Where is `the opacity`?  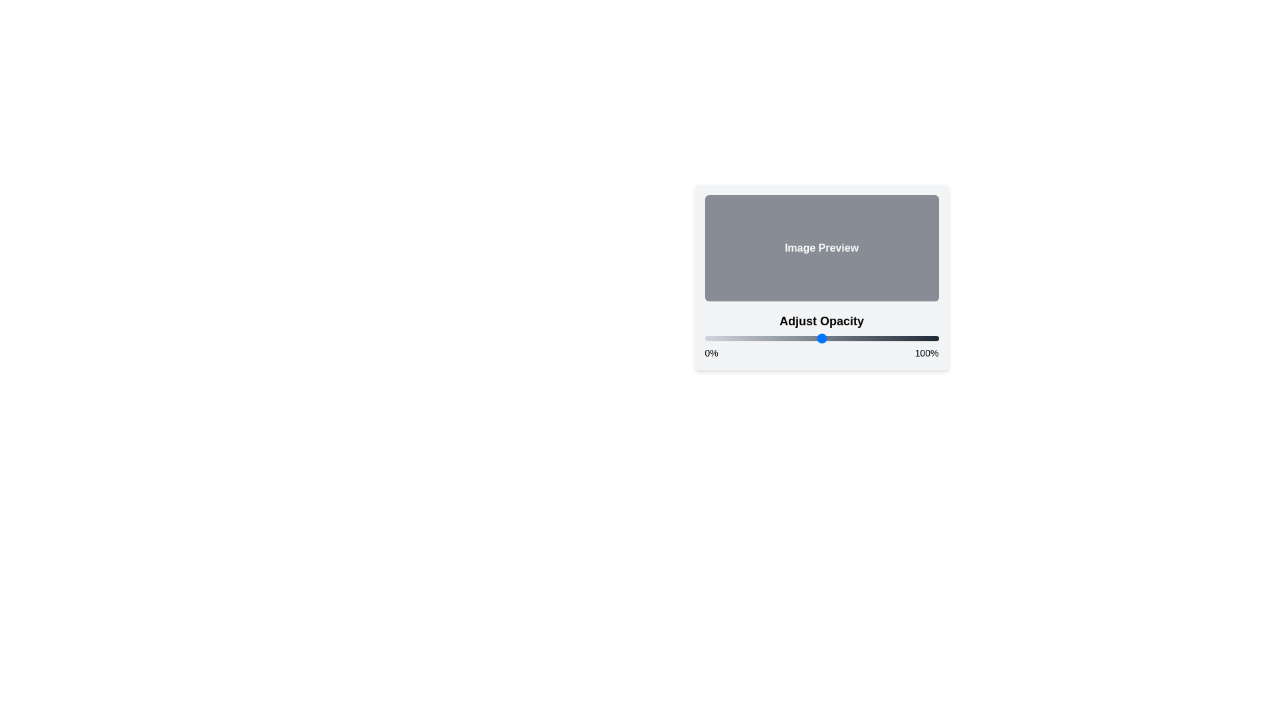
the opacity is located at coordinates (903, 337).